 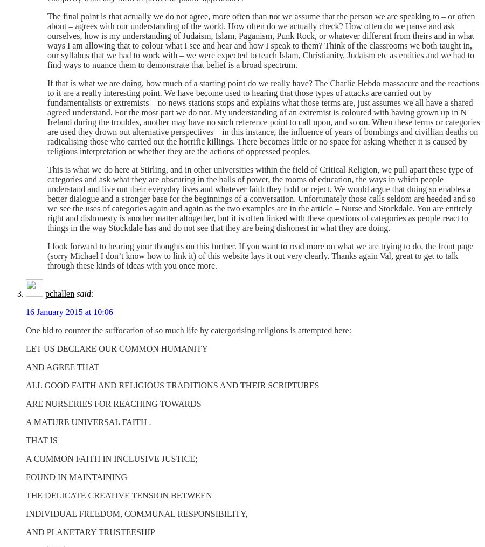 I want to click on 'THAT IS', so click(x=41, y=440).